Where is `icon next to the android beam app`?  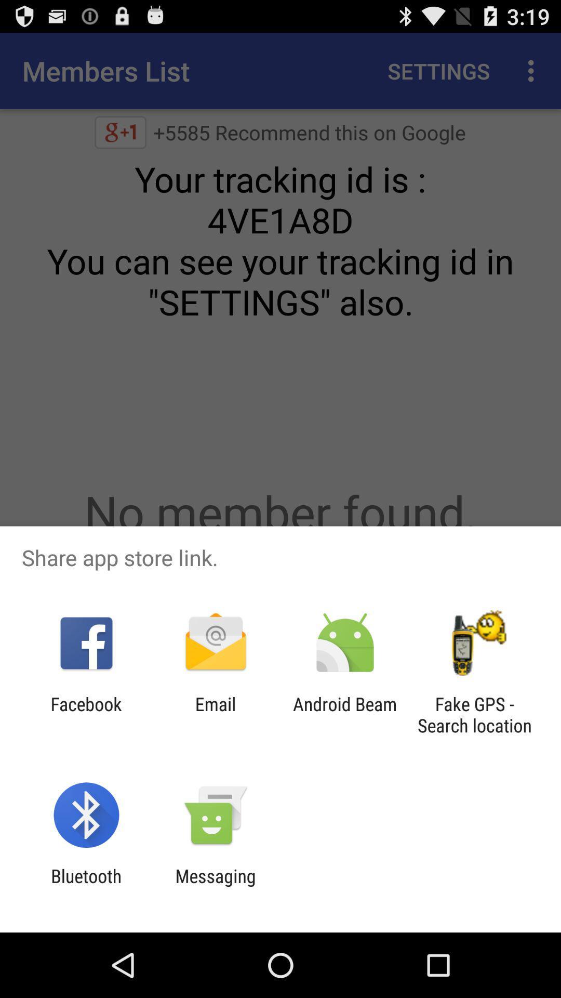 icon next to the android beam app is located at coordinates (474, 714).